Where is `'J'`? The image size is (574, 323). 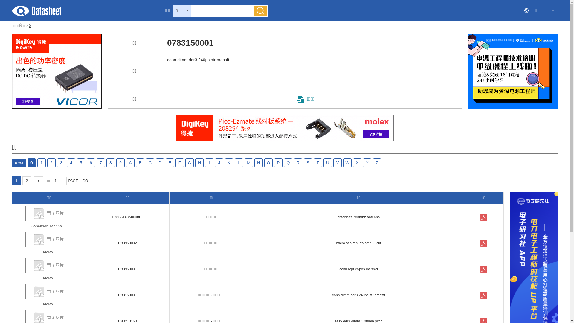 'J' is located at coordinates (219, 163).